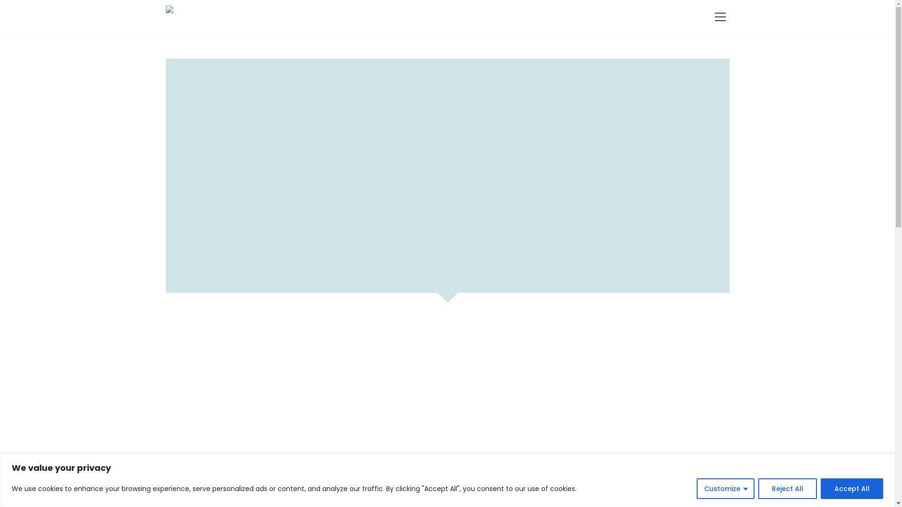  I want to click on 'Customize', so click(697, 488).